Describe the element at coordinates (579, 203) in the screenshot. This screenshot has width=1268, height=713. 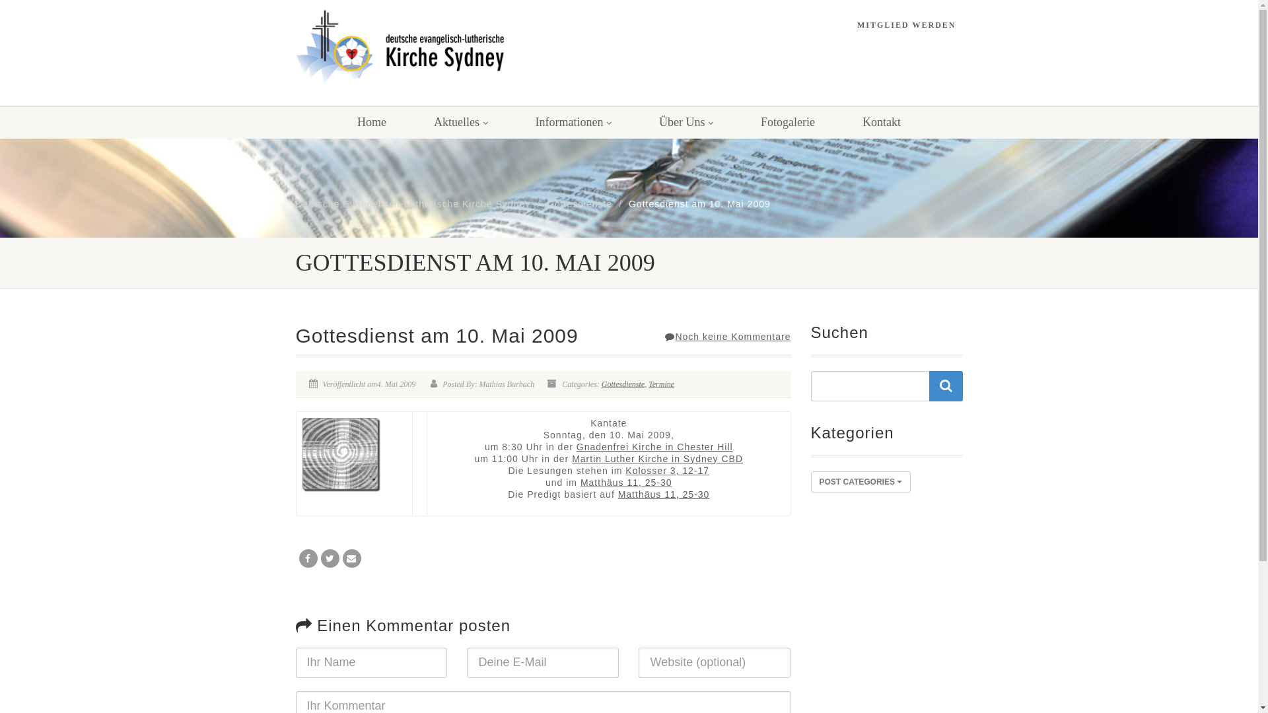
I see `'Gottesdienste'` at that location.